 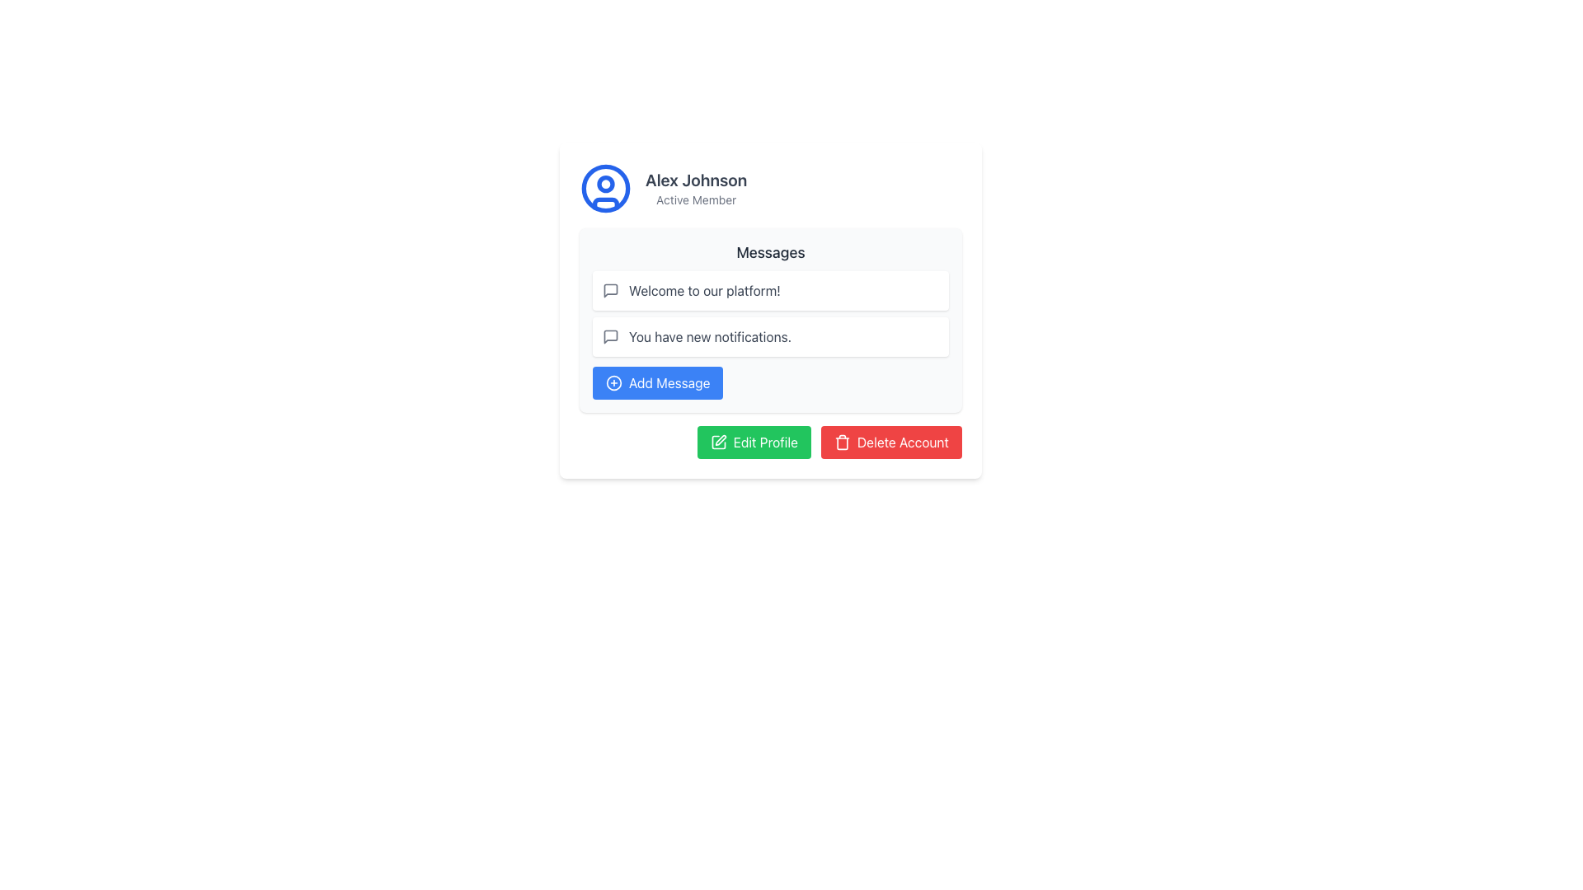 I want to click on the graphical component located at the center of the blue 'Add Message' button to enhance its identification as a user-click target, so click(x=613, y=383).